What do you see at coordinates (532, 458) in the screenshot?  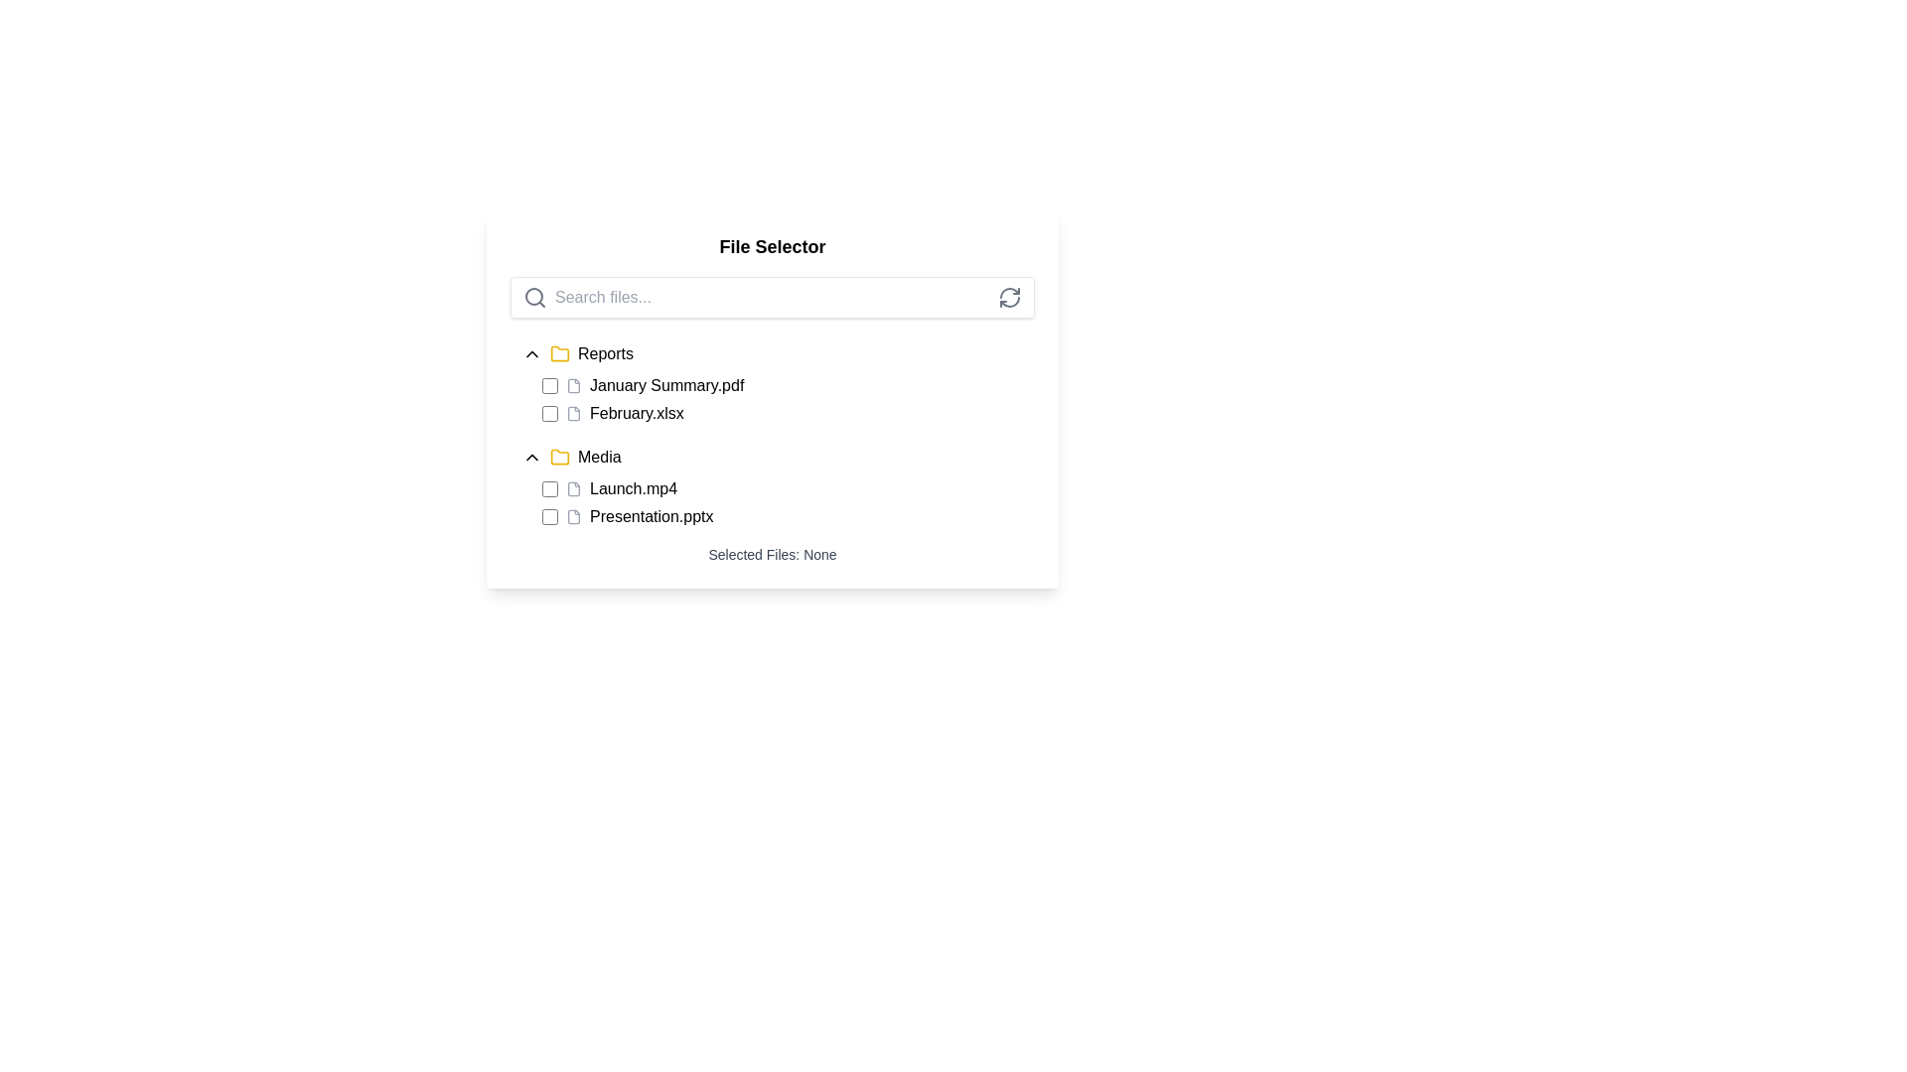 I see `the chevron icon located to the left of the 'Media' text label, which serves as an interactive toggle for expanding or collapsing the 'Media' section` at bounding box center [532, 458].